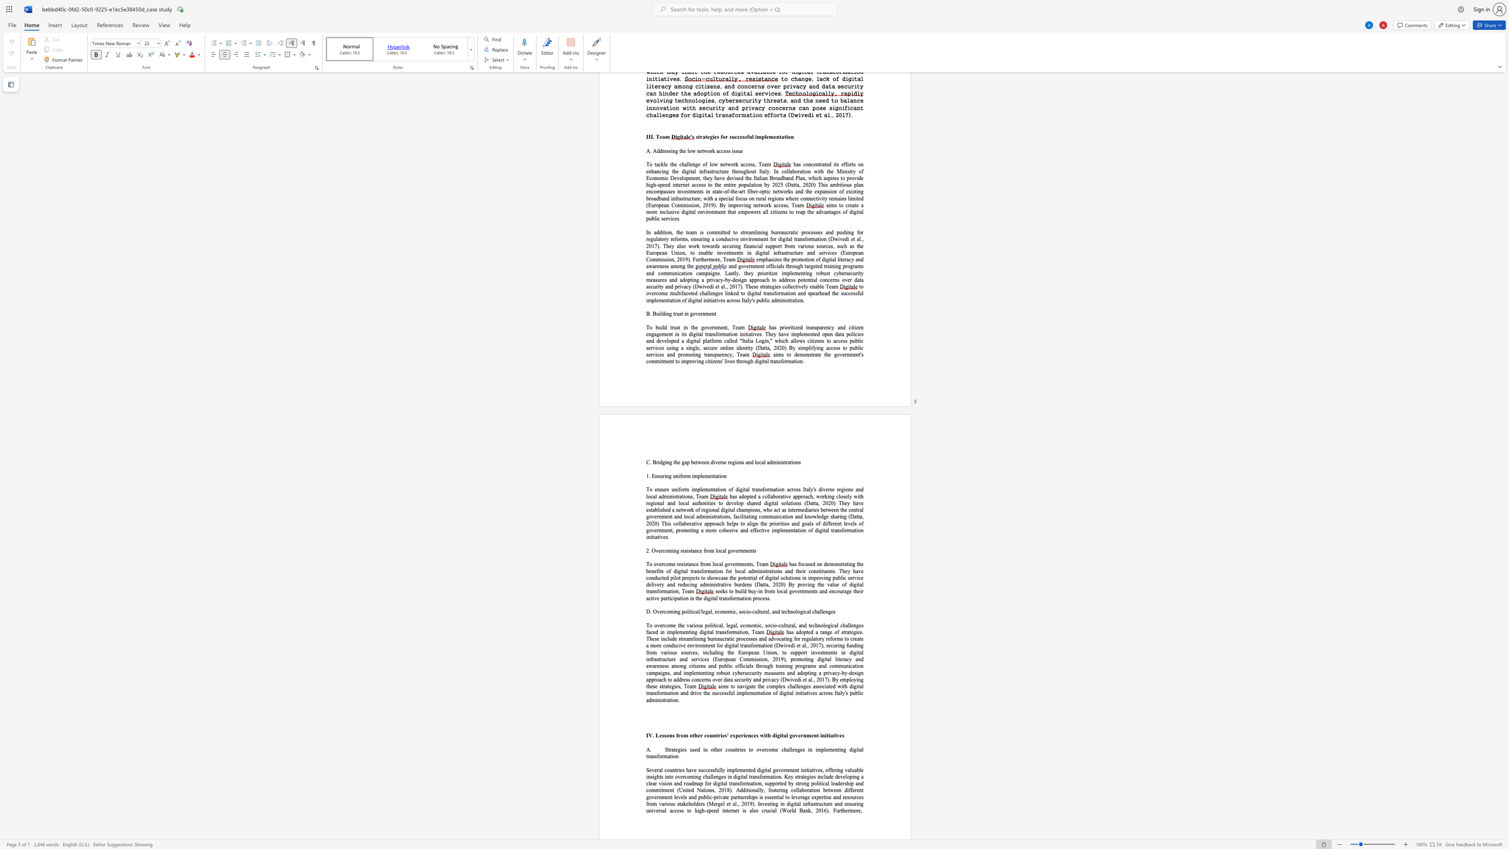 Image resolution: width=1509 pixels, height=849 pixels. What do you see at coordinates (796, 686) in the screenshot?
I see `the subset text "lenges associated with digital transformation and drive the successful implementation" within the text "aims to navigate the complex challenges associated with digital transformation and drive the successful implementation of digital initiatives across Ital"` at bounding box center [796, 686].